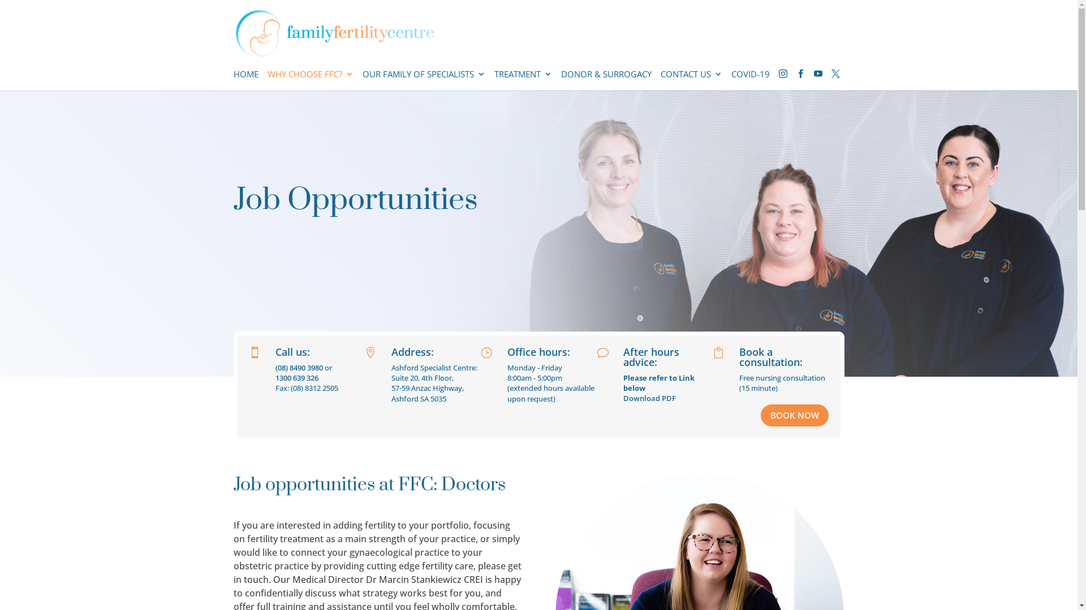 This screenshot has width=1086, height=610. I want to click on 'COVID-19', so click(749, 80).